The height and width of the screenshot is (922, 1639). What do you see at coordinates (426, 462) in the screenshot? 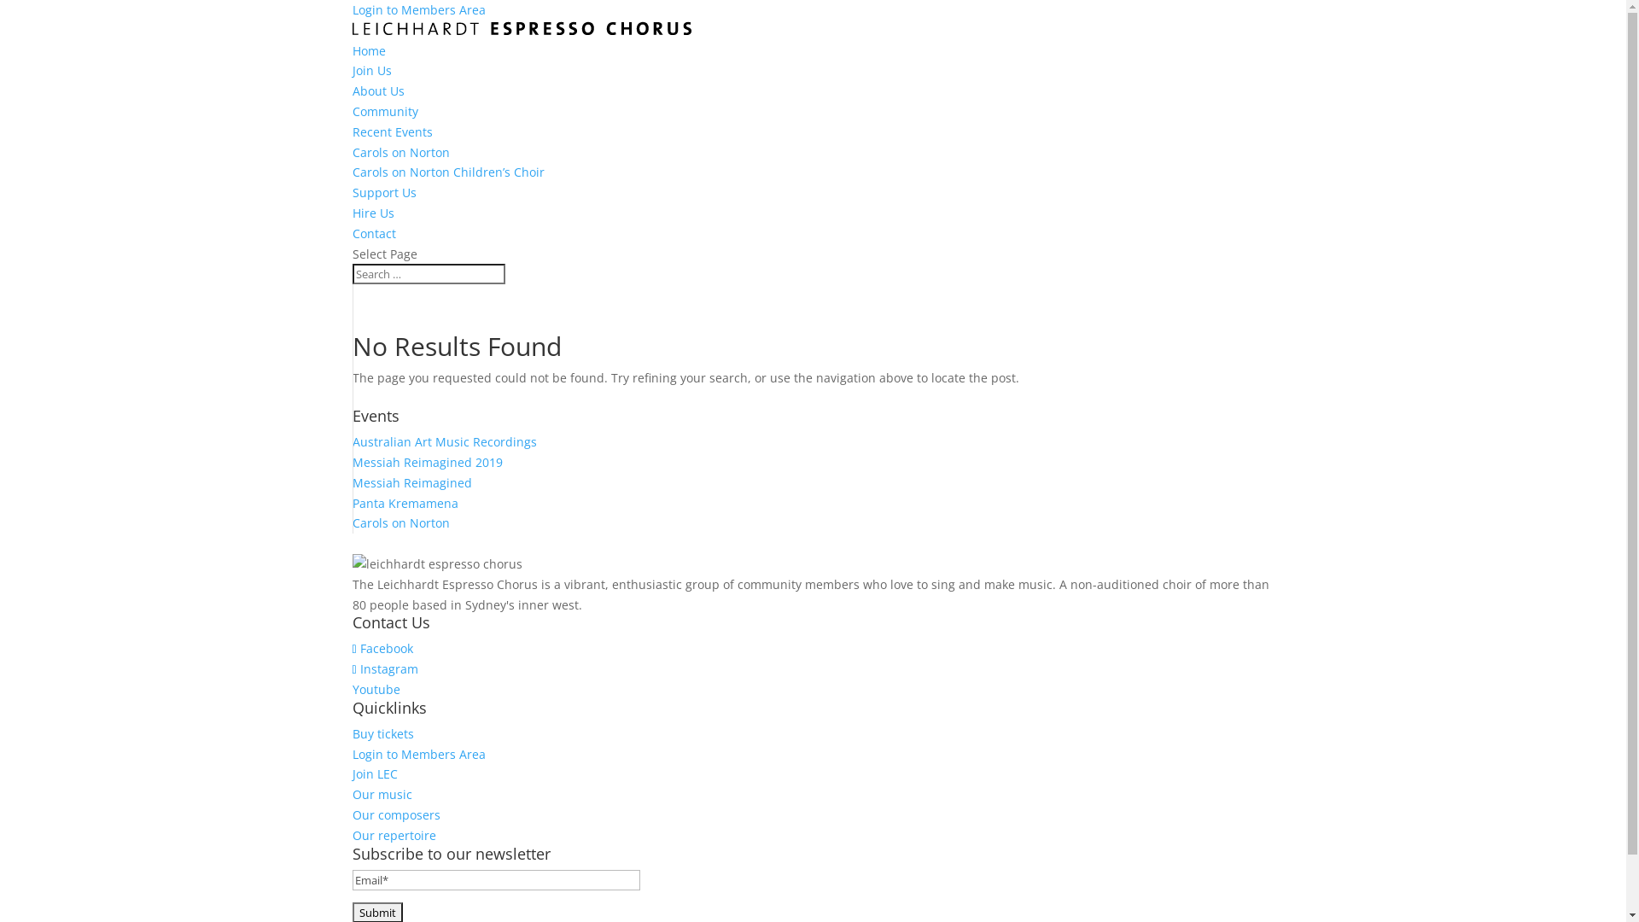
I see `'Messiah Reimagined 2019'` at bounding box center [426, 462].